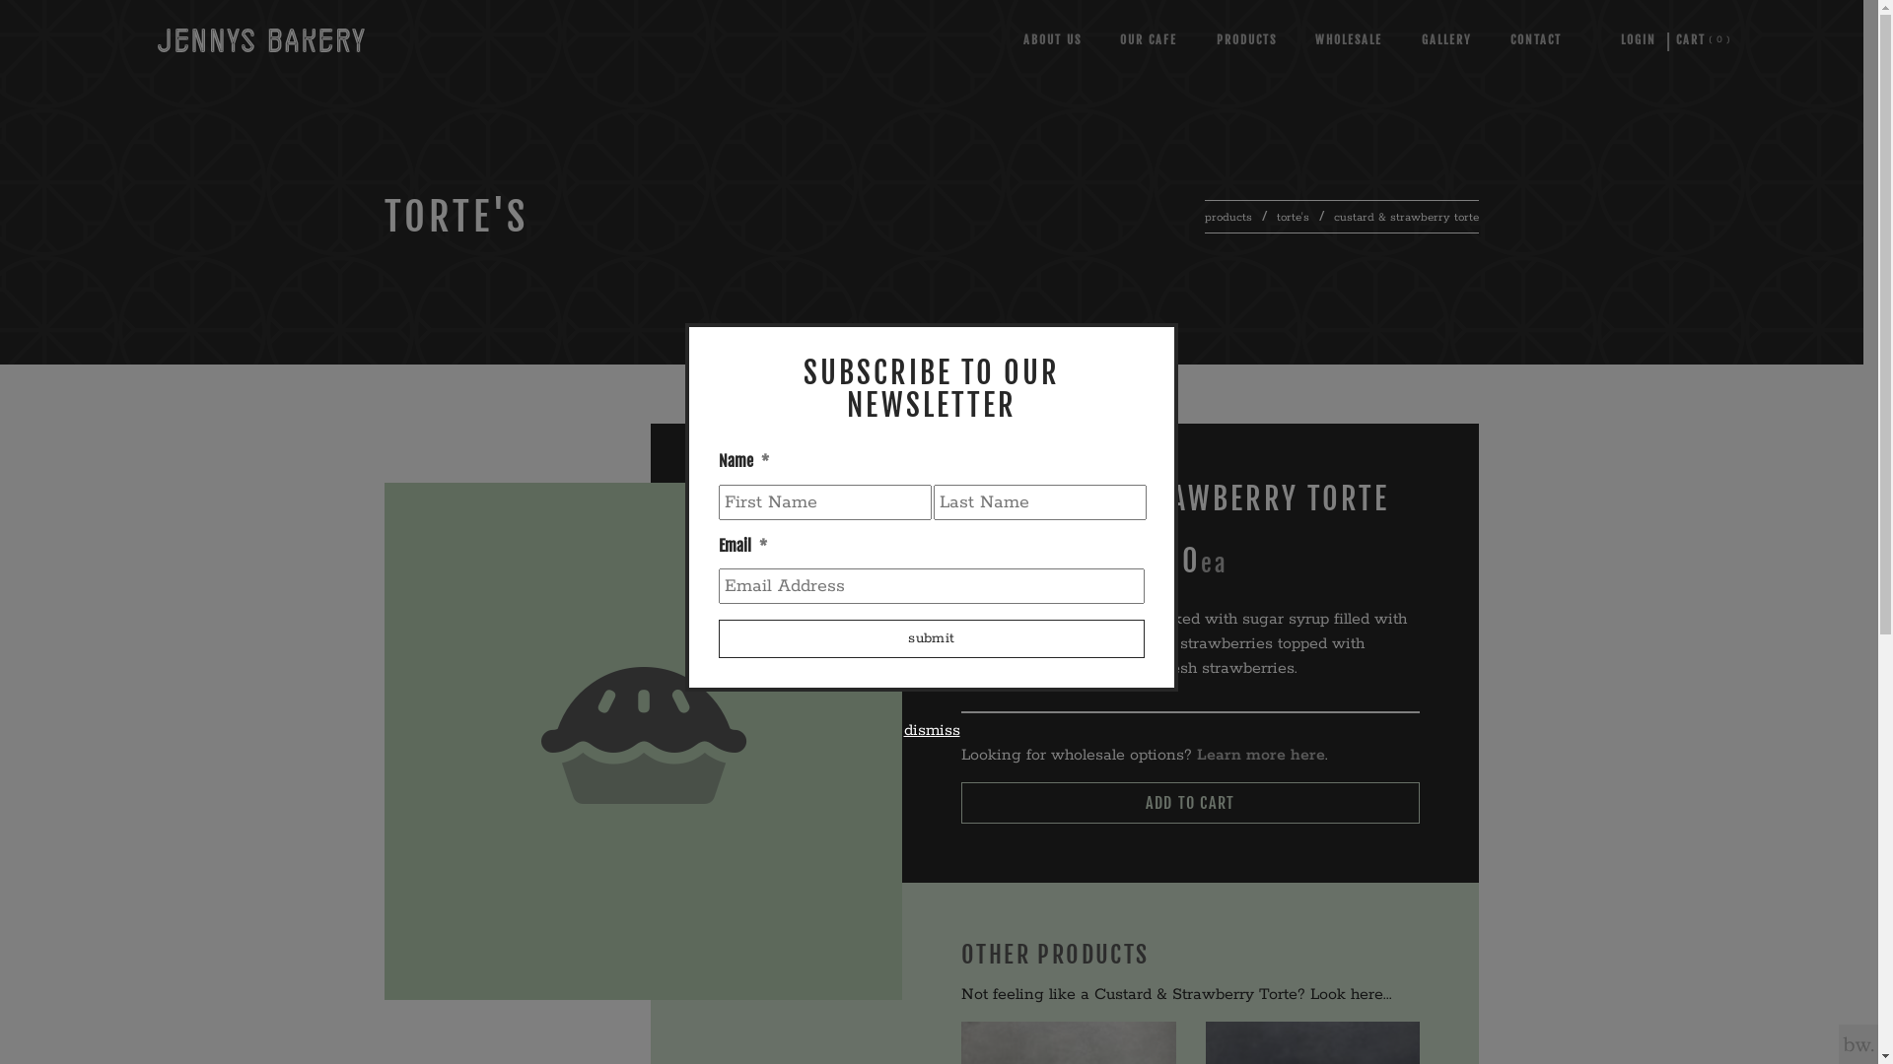 The width and height of the screenshot is (1893, 1064). Describe the element at coordinates (259, 39) in the screenshot. I see `'Jennys Bakery - Home'` at that location.